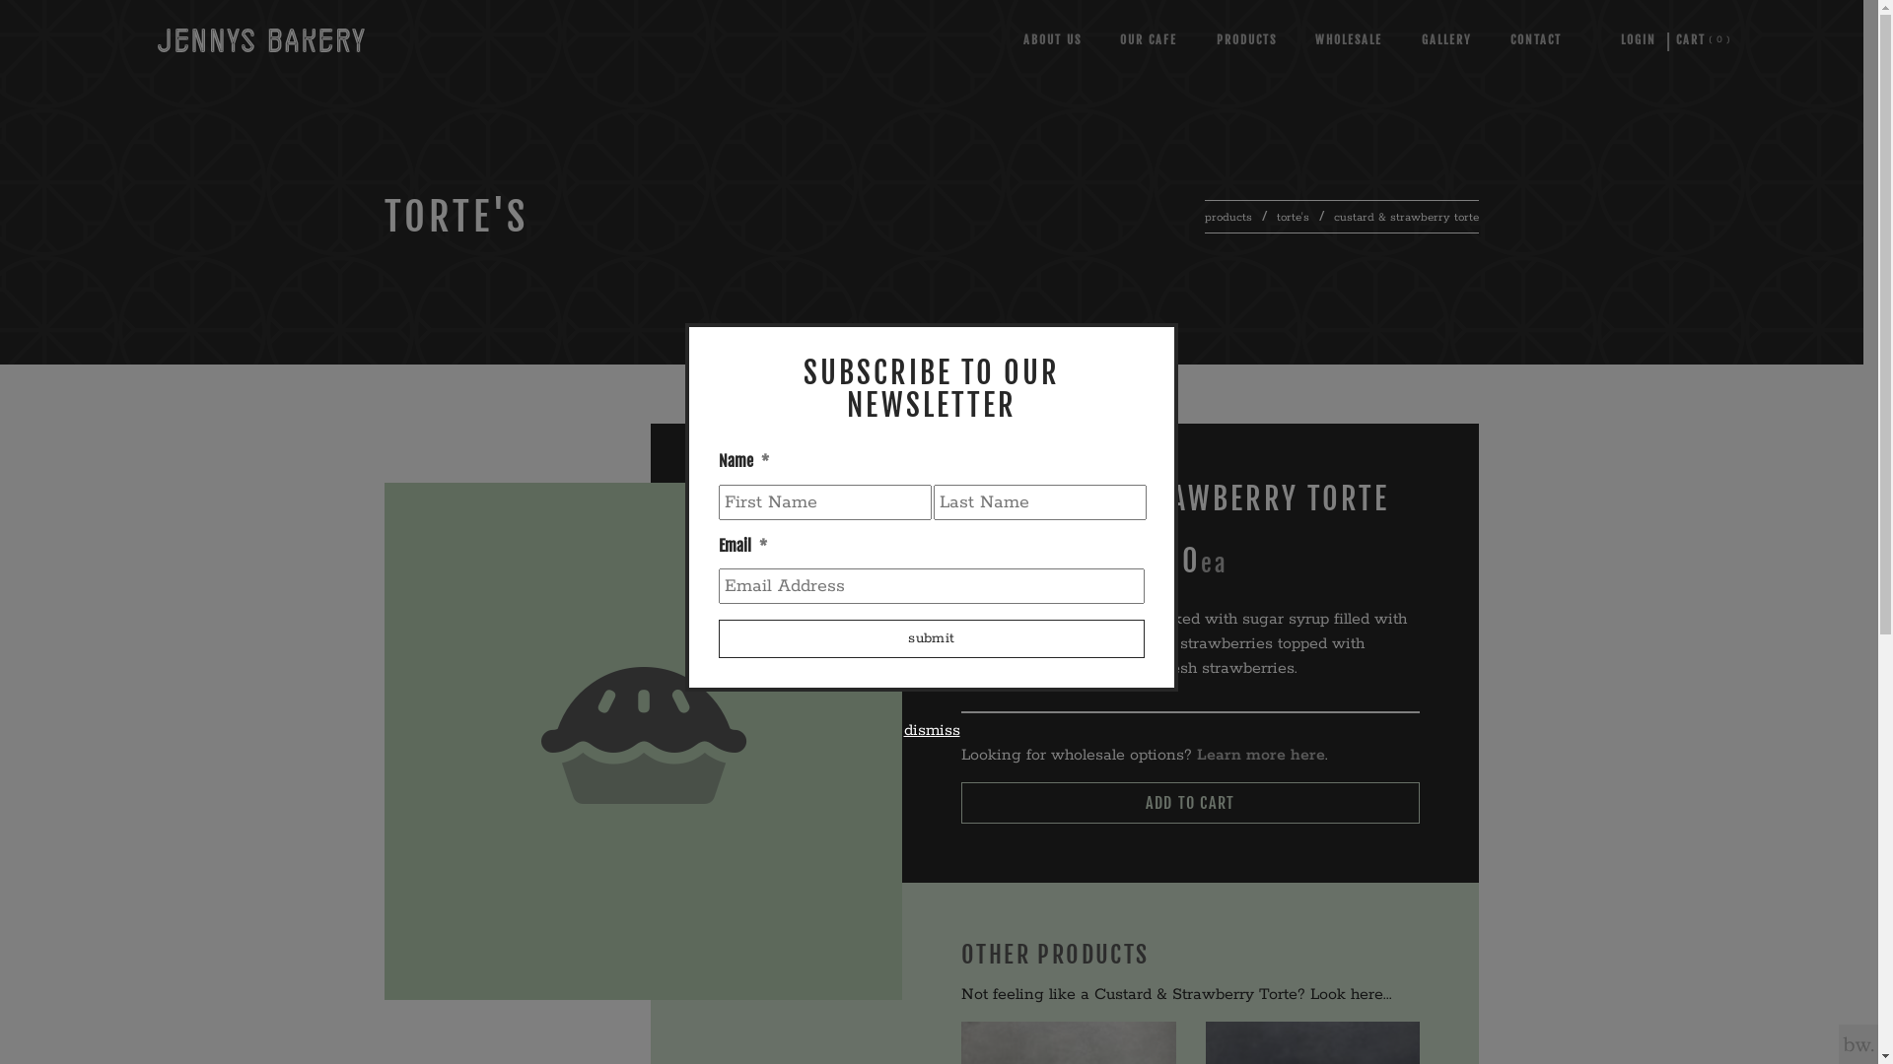 The width and height of the screenshot is (1893, 1064). Describe the element at coordinates (259, 39) in the screenshot. I see `'Jennys Bakery - Home'` at that location.